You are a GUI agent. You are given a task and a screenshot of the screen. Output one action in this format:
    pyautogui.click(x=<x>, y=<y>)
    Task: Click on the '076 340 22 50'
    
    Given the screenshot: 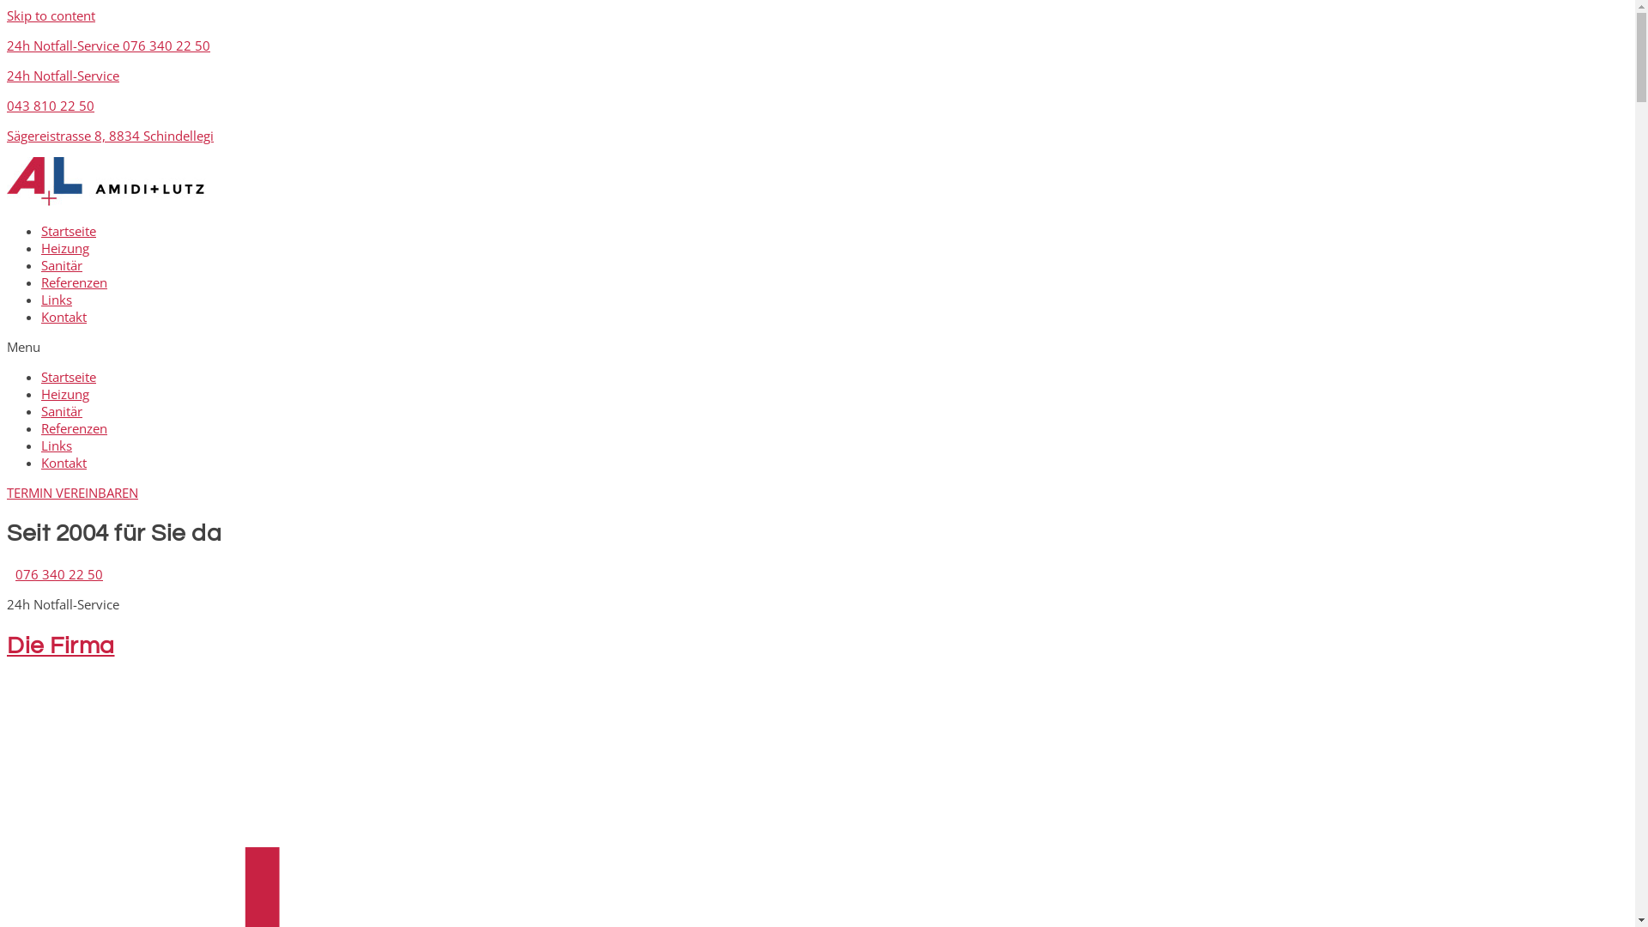 What is the action you would take?
    pyautogui.click(x=58, y=573)
    